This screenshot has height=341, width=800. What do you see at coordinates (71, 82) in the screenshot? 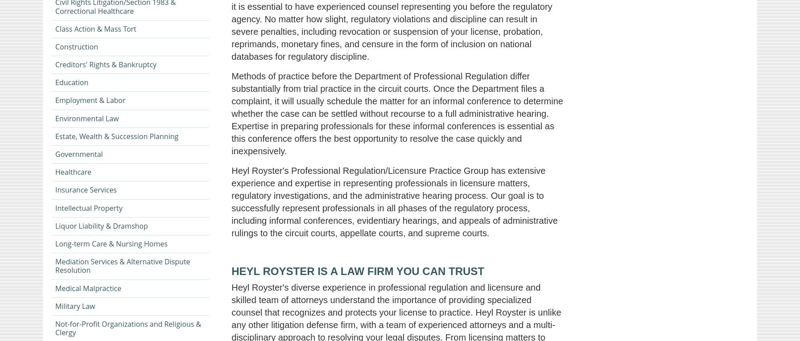
I see `'Education'` at bounding box center [71, 82].